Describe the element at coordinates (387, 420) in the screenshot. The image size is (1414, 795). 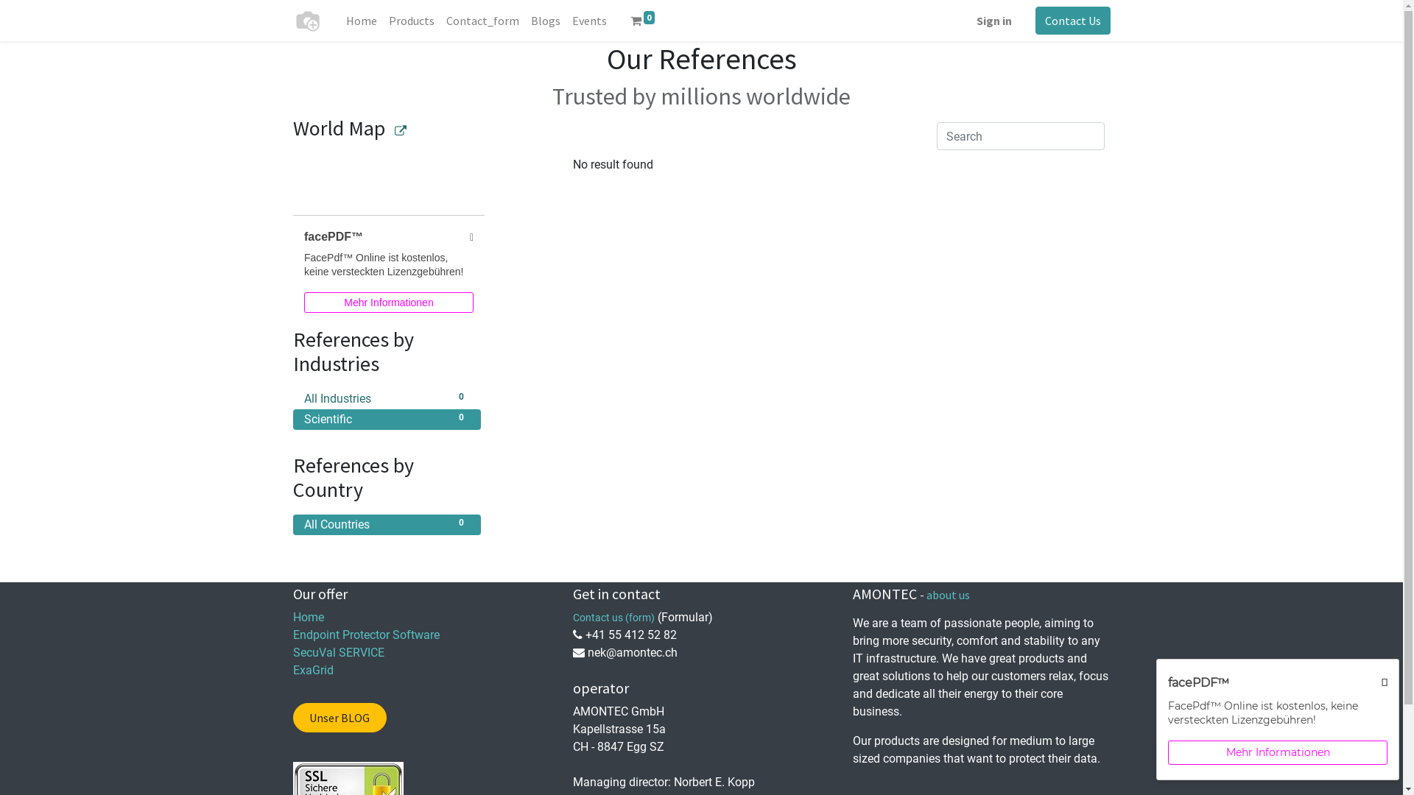
I see `'0` at that location.